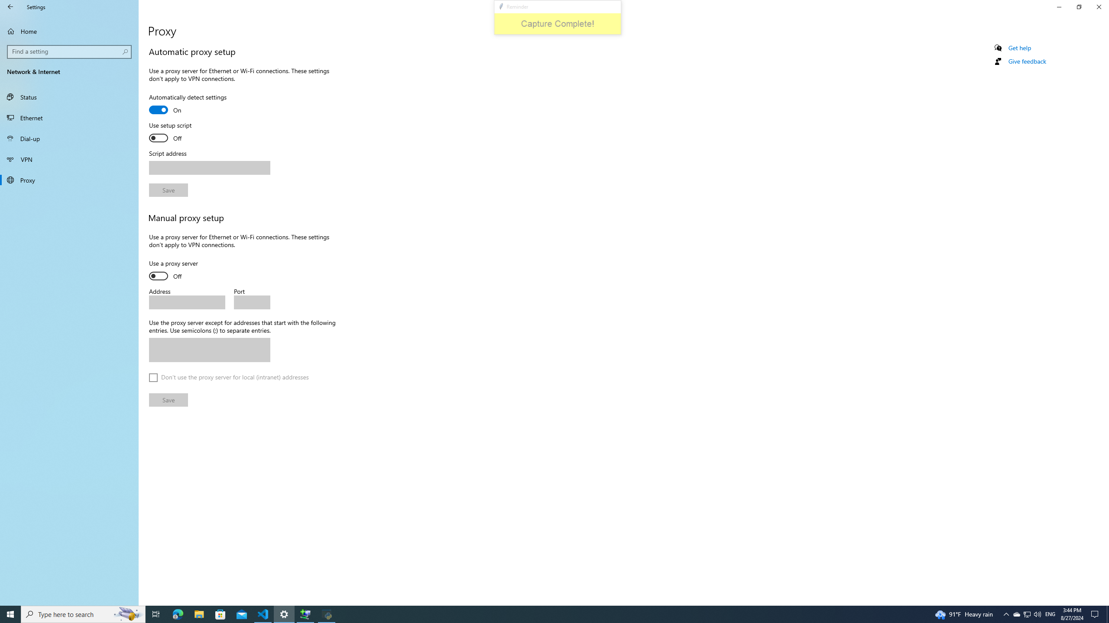 The width and height of the screenshot is (1109, 623). Describe the element at coordinates (1079, 6) in the screenshot. I see `'Restore Settings'` at that location.